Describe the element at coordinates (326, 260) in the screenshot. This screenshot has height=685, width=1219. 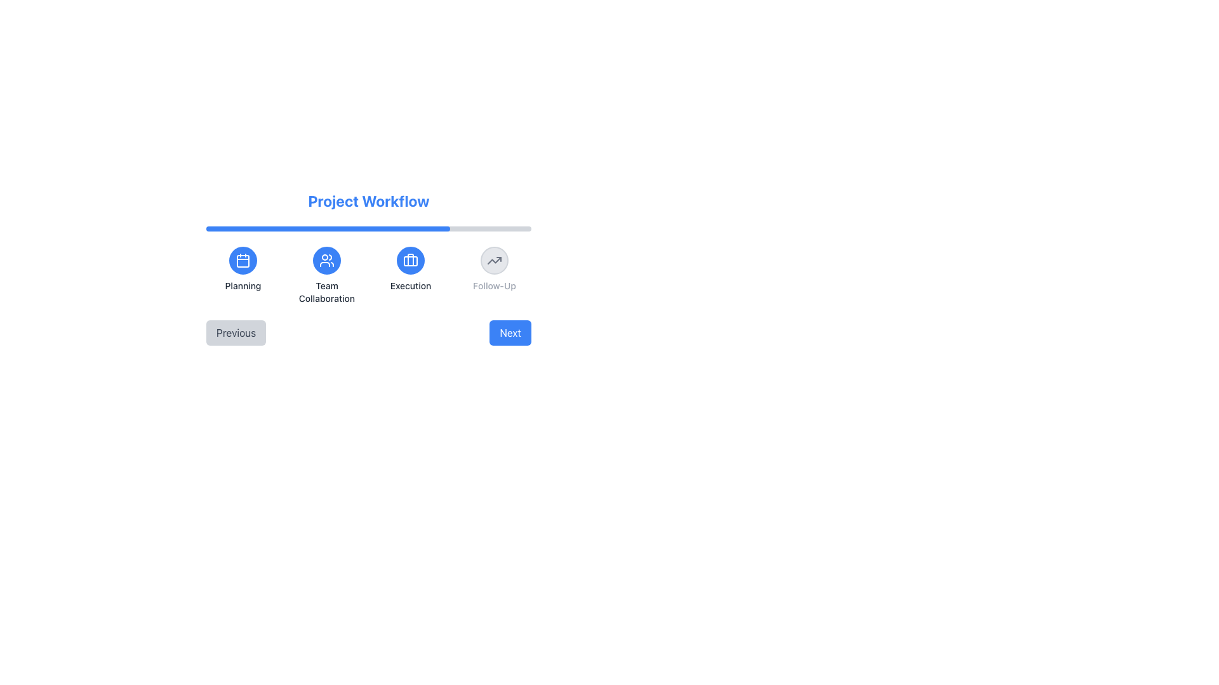
I see `the 'Team Collaboration' icon button` at that location.